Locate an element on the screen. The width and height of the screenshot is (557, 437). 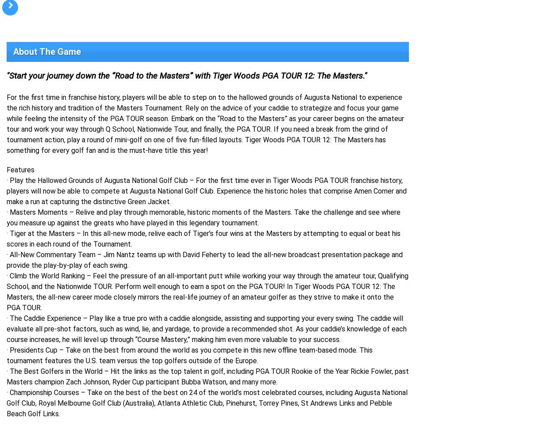
'For the first time in franchise history, players will be able to step on to the hallowed grounds of Augusta National to experience the rich history and tradition of the Masters Tournament. Rely on the advice of your caddie to strategize and focus your game while feeling the intensity of the PGA TOUR season. Embark on the “Road to the Masters” as your career begins on the amateur tour and work your way through Q School, Nationwide Tour, and finally, the PGA TOUR. If you need a break from the grind of tournament action, play a round of mini-golf on one of five fun-filled layouts. Tiger Woods PGA TOUR 12: The Masters has something for every golf fan and is the must-have title this year!' is located at coordinates (205, 124).